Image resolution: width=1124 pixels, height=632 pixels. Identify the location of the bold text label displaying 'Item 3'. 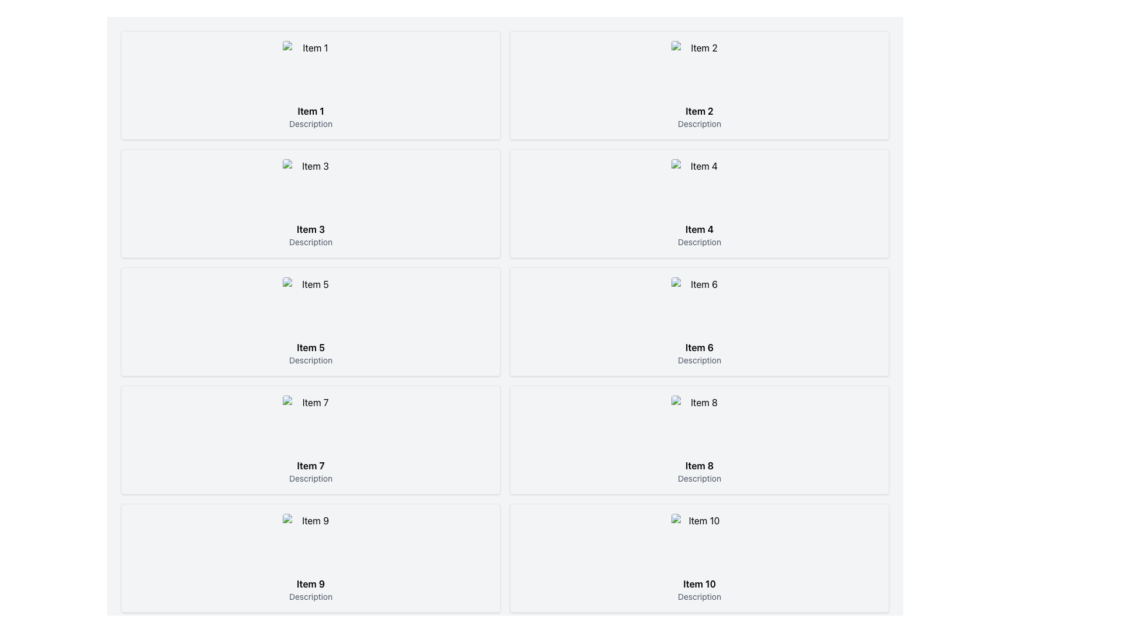
(311, 229).